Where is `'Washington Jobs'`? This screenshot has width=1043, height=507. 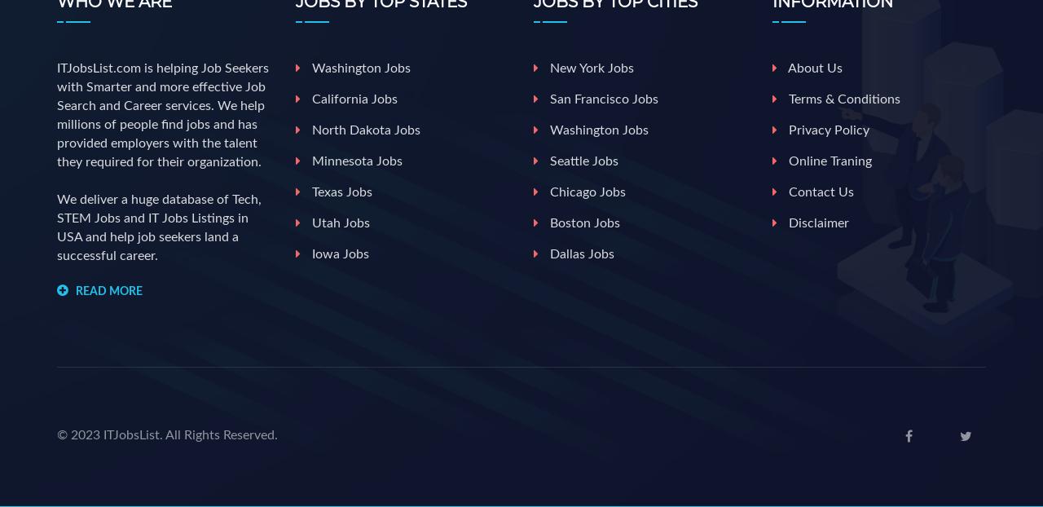
'Washington Jobs' is located at coordinates (358, 68).